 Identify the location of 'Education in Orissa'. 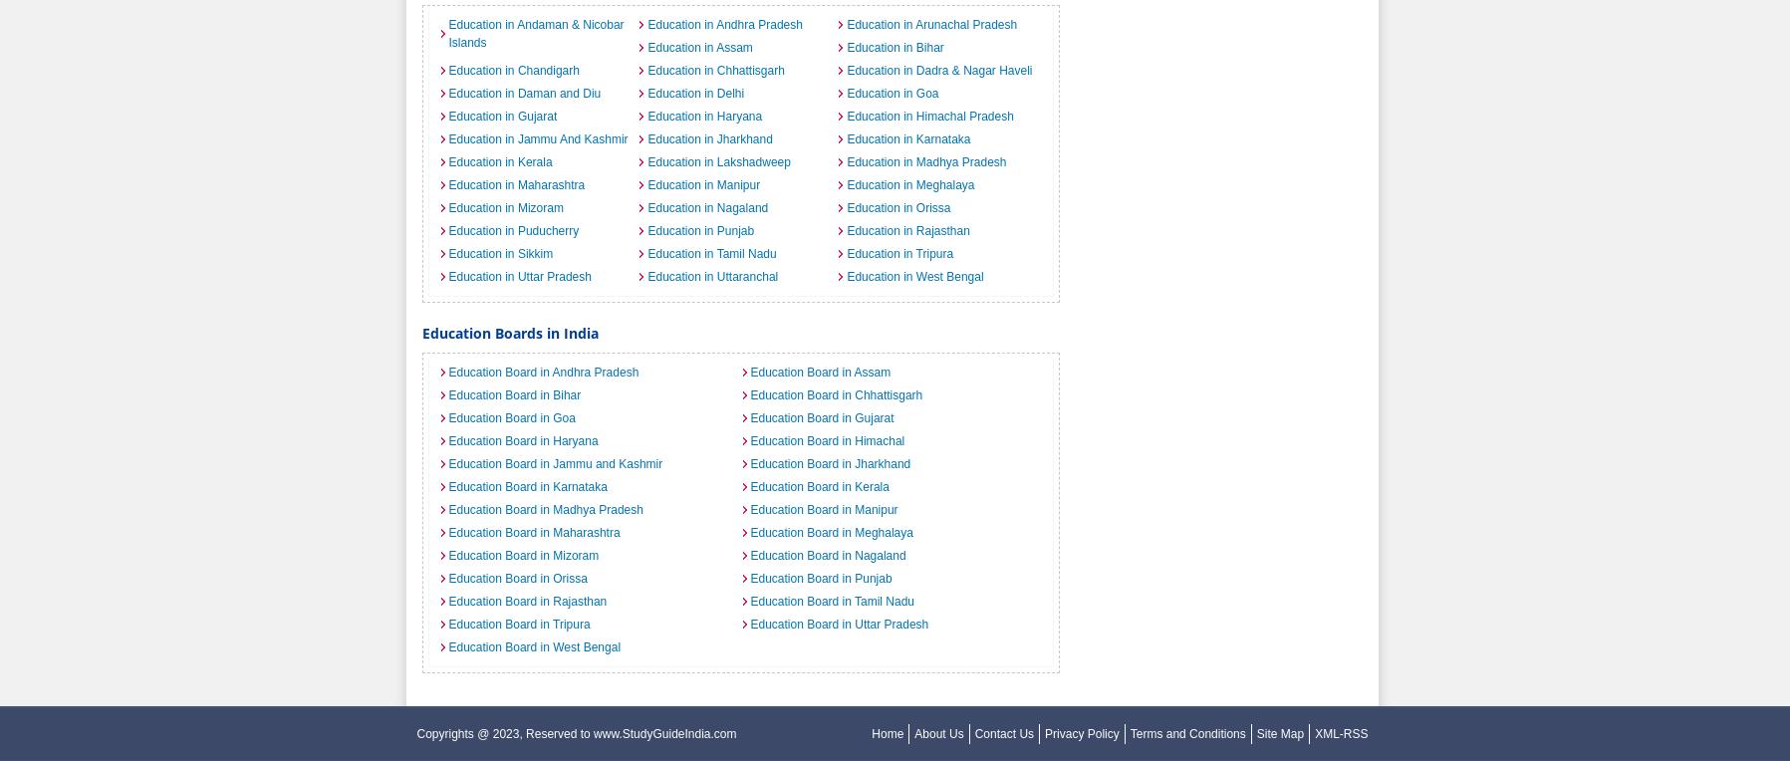
(845, 207).